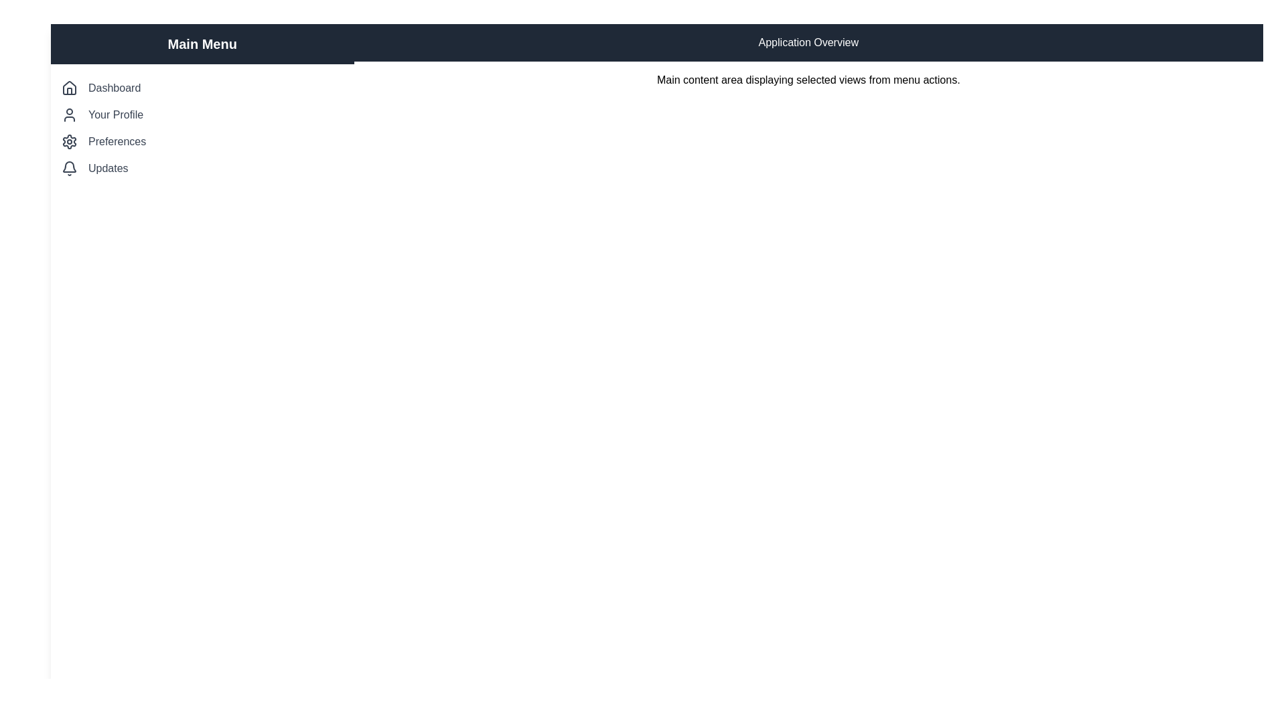 The height and width of the screenshot is (723, 1286). What do you see at coordinates (69, 88) in the screenshot?
I see `the 'Dashboard' icon located in the left-side vertical menu` at bounding box center [69, 88].